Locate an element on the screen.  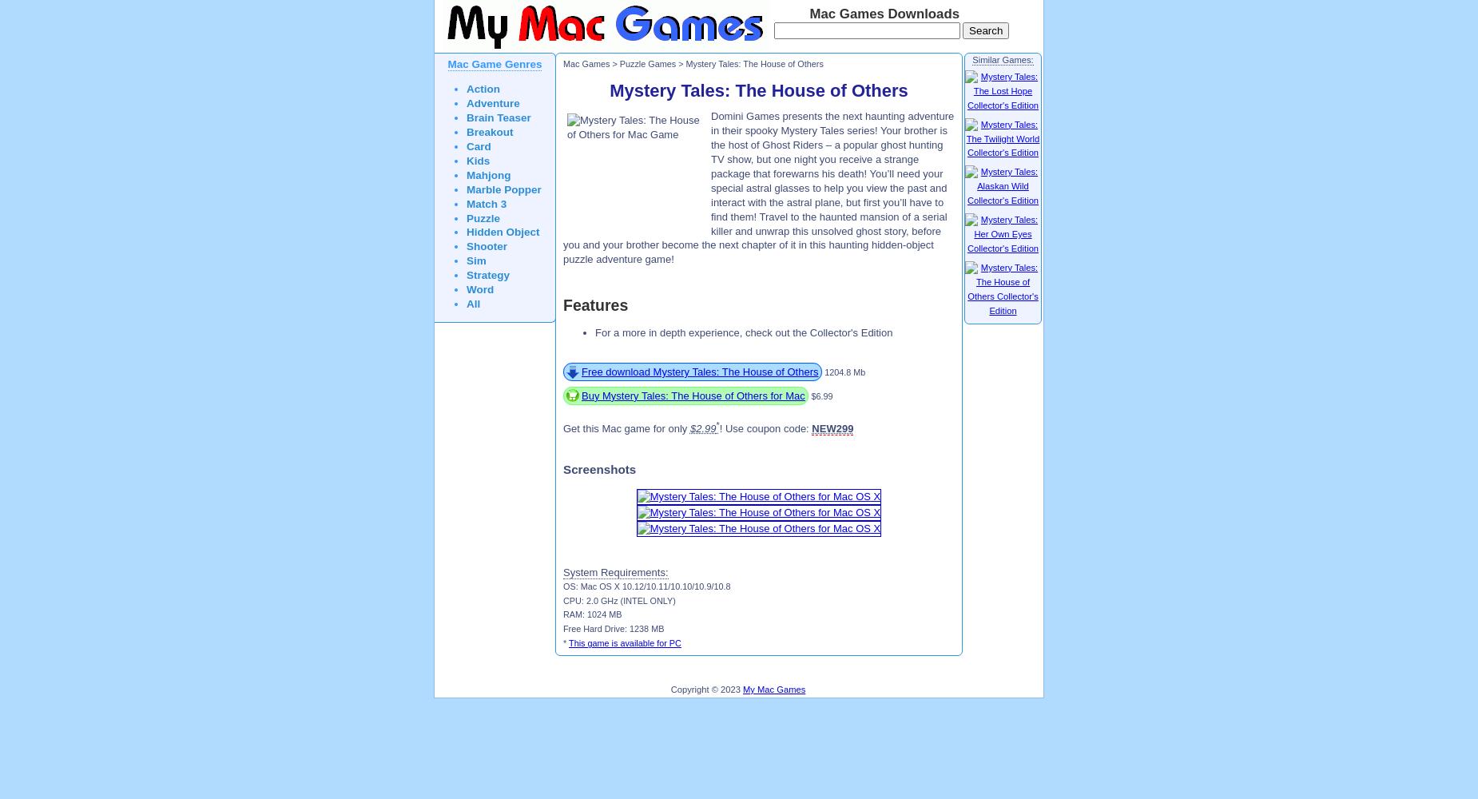
'>' is located at coordinates (614, 63).